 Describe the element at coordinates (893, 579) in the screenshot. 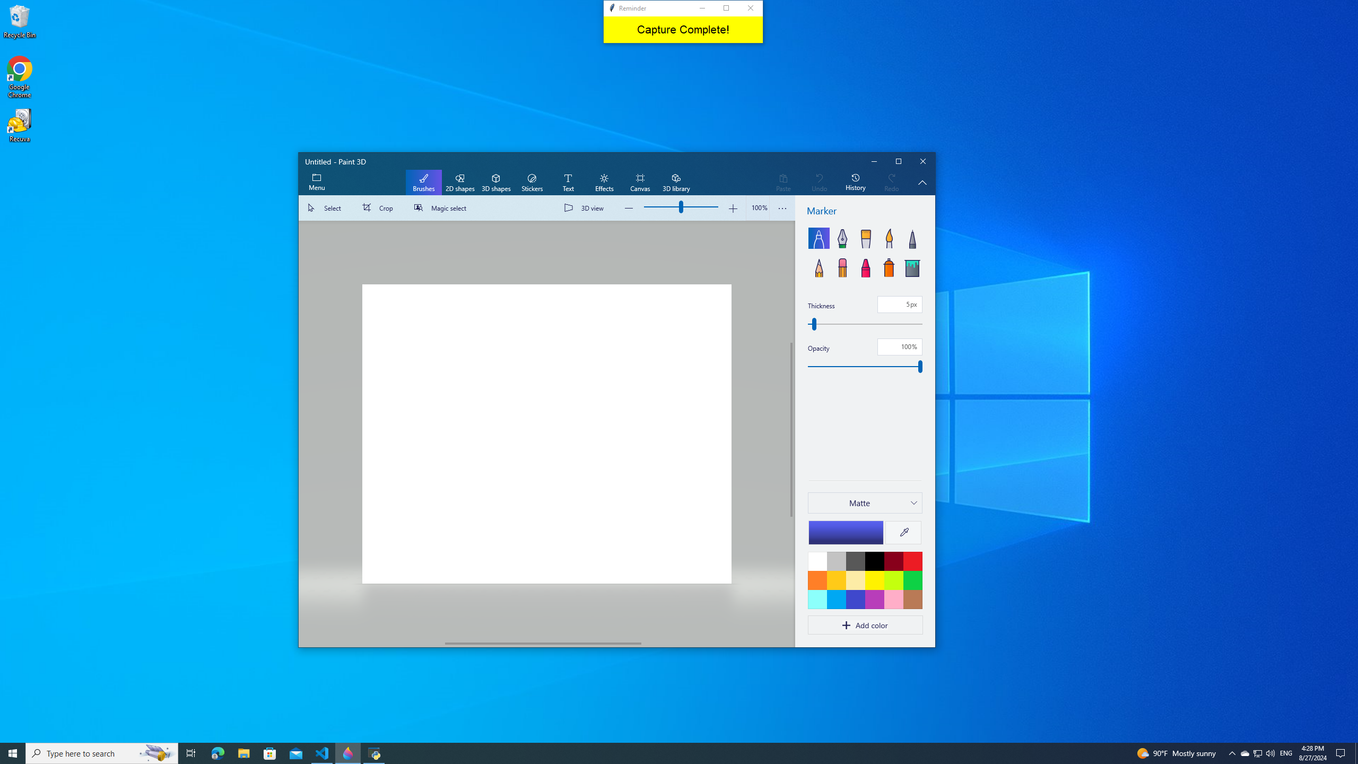

I see `'Lime'` at that location.